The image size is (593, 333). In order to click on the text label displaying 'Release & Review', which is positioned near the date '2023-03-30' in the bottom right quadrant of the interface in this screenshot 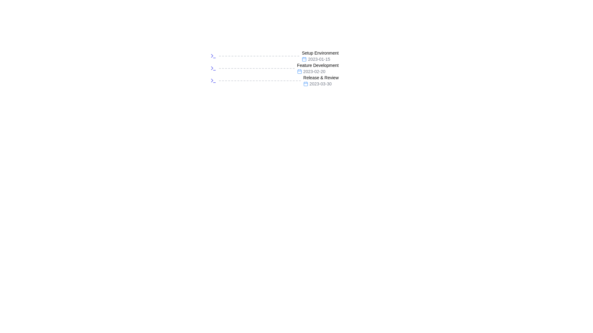, I will do `click(321, 77)`.